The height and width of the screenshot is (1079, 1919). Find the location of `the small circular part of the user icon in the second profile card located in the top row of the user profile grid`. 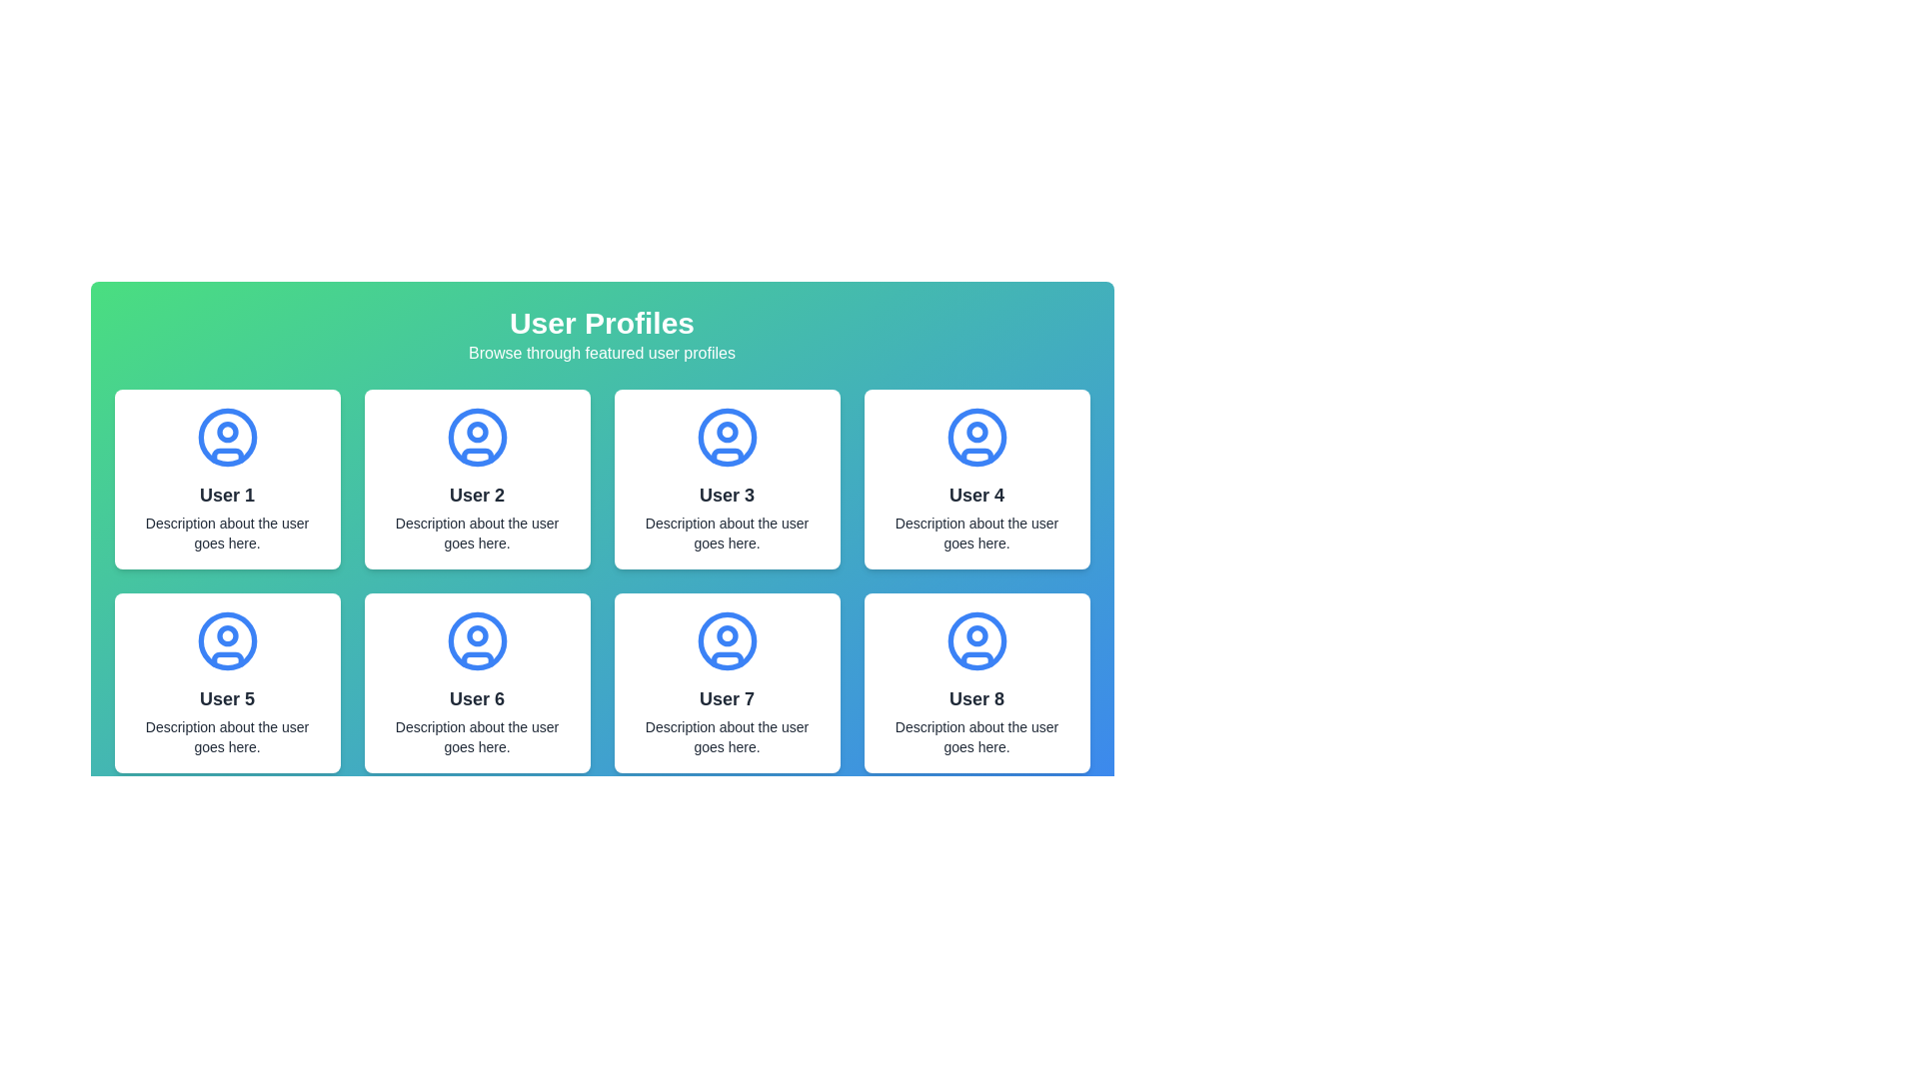

the small circular part of the user icon in the second profile card located in the top row of the user profile grid is located at coordinates (476, 431).